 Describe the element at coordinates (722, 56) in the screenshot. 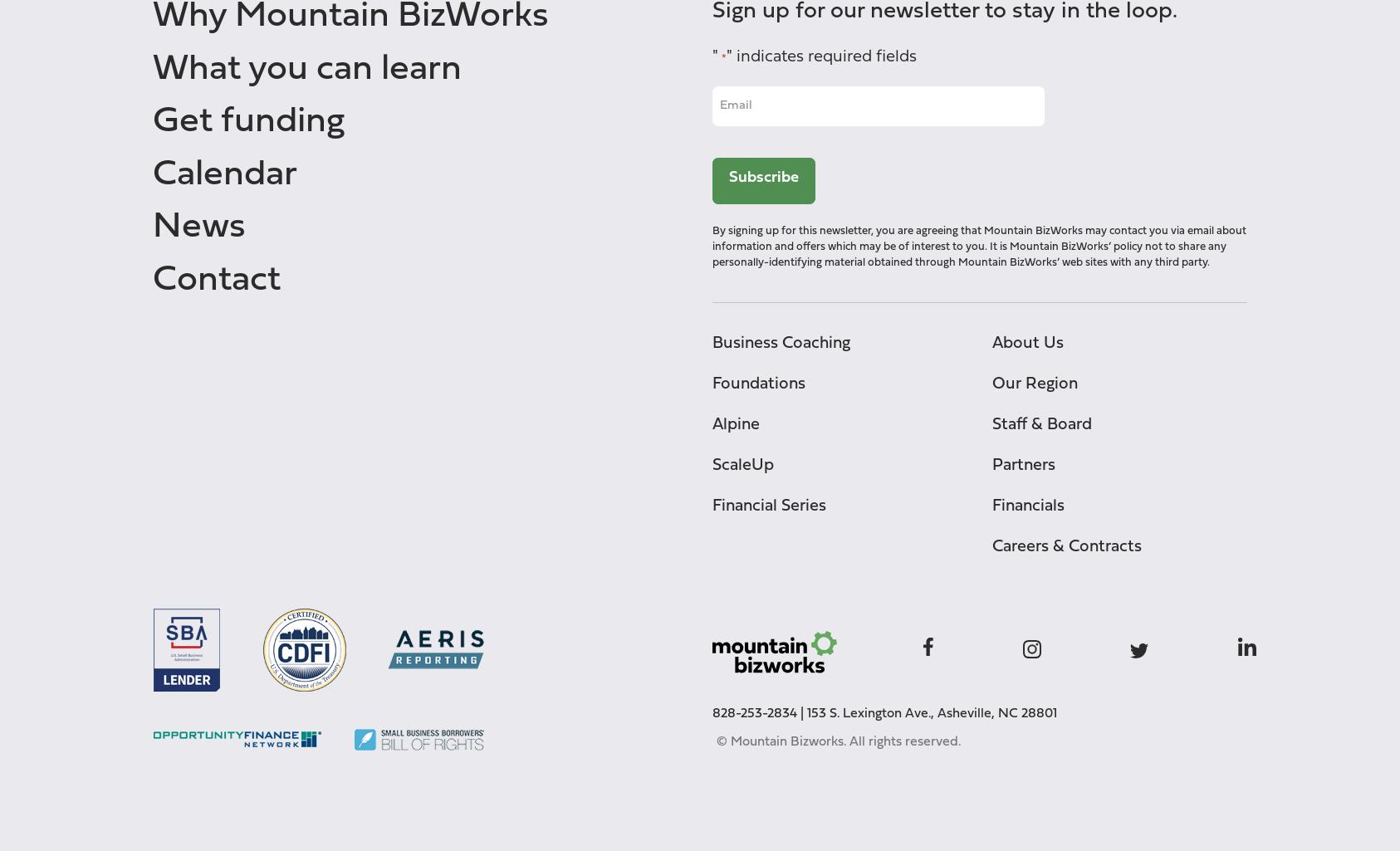

I see `'*'` at that location.